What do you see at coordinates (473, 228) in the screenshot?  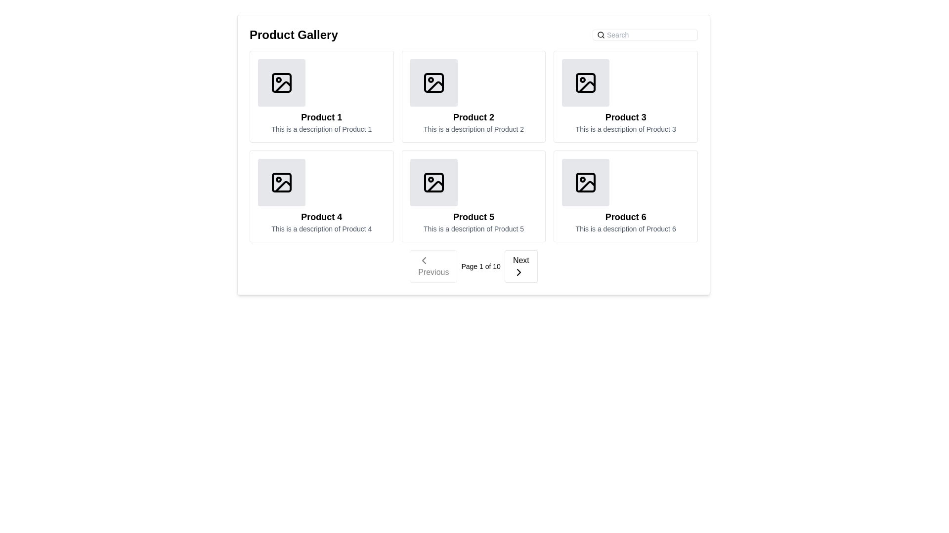 I see `the static text element reading 'This is a description of Product 5', located below the title 'Product 5' in the fifth product card` at bounding box center [473, 228].